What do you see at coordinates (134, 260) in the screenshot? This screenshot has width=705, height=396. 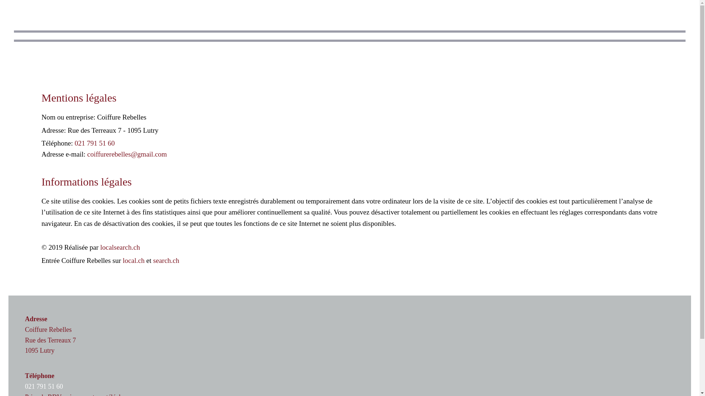 I see `'local.ch'` at bounding box center [134, 260].